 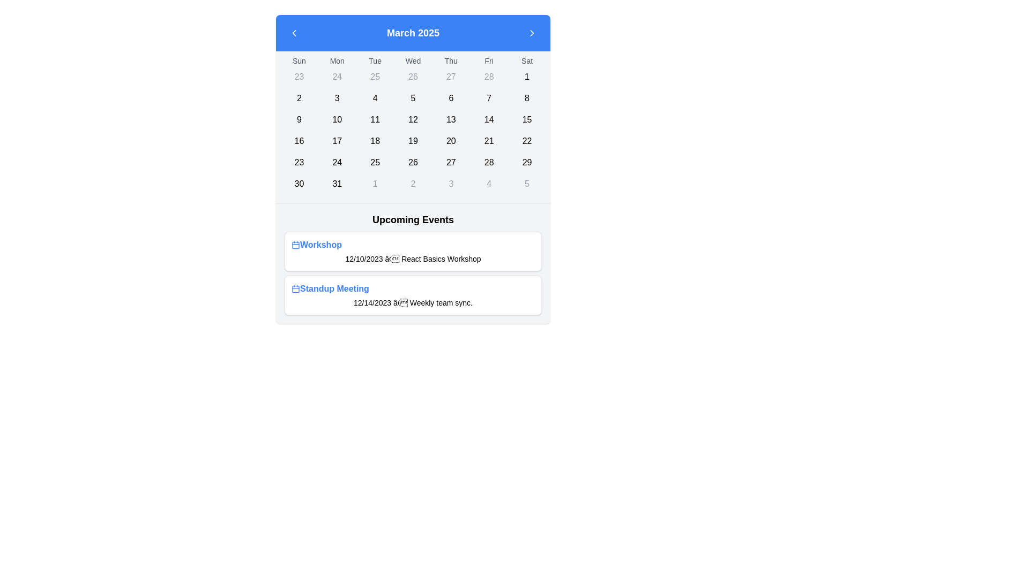 I want to click on the date '14' button in the calendar, so click(x=488, y=119).